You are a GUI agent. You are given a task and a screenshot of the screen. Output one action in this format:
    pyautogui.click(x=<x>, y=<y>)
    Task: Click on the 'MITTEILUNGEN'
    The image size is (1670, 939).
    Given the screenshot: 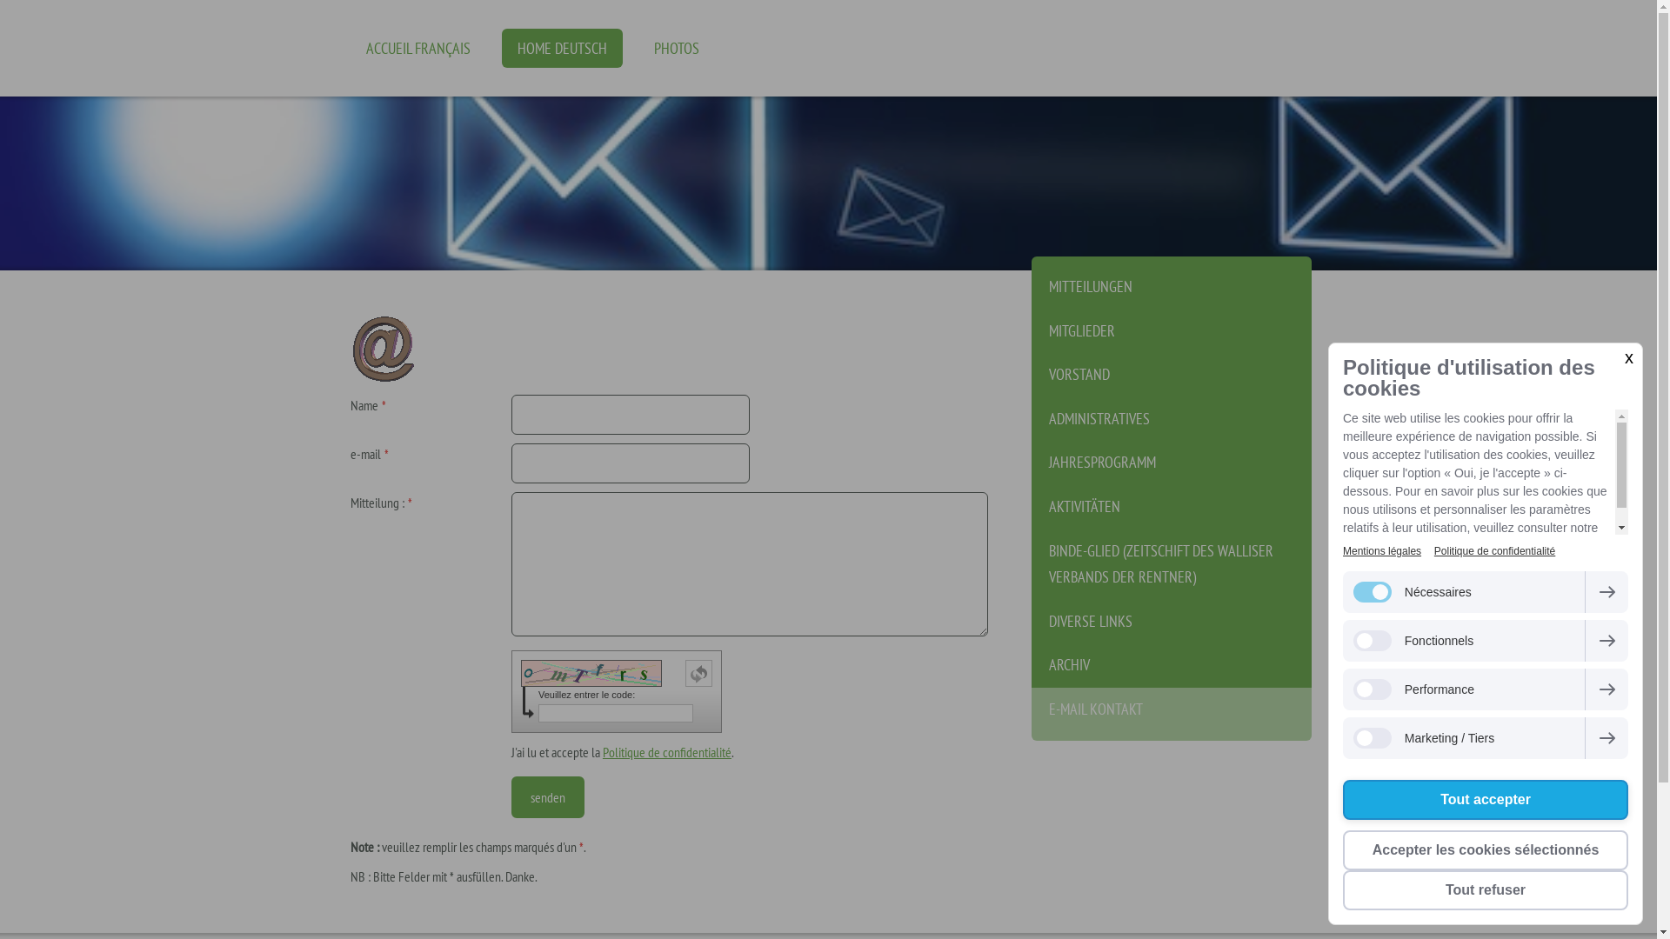 What is the action you would take?
    pyautogui.click(x=1172, y=282)
    